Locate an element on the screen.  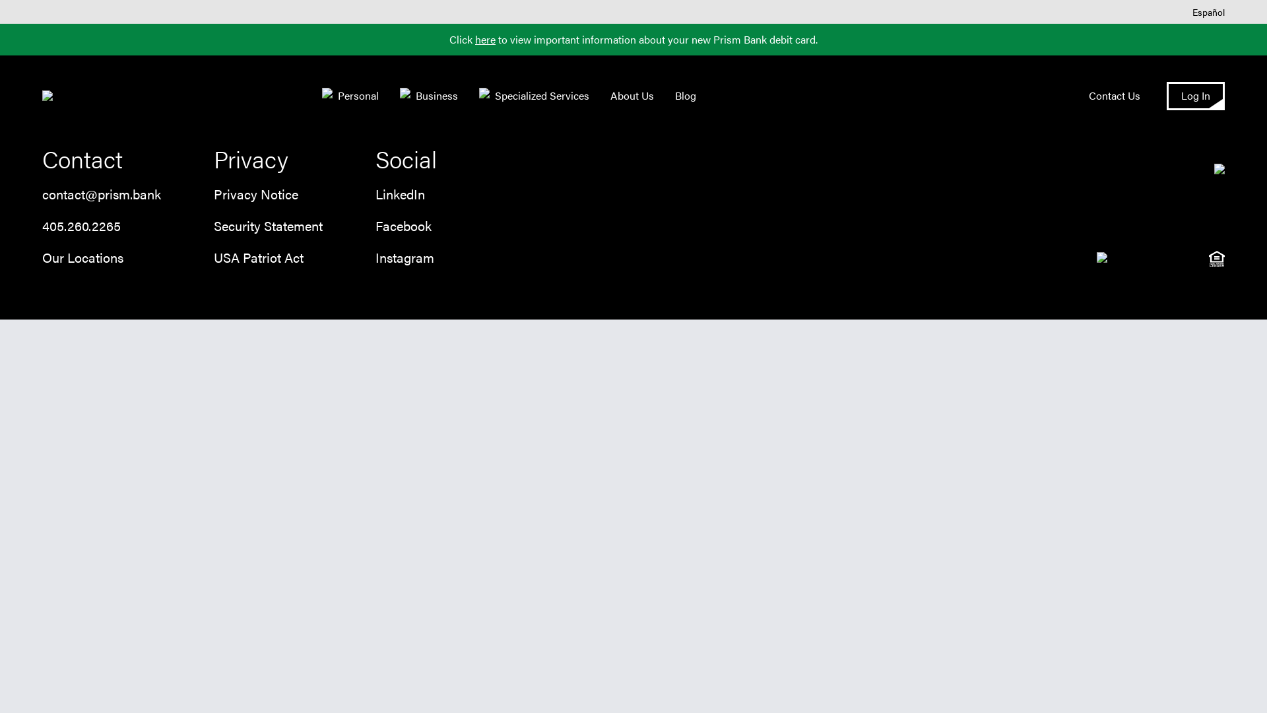
'Contact Us' is located at coordinates (1114, 94).